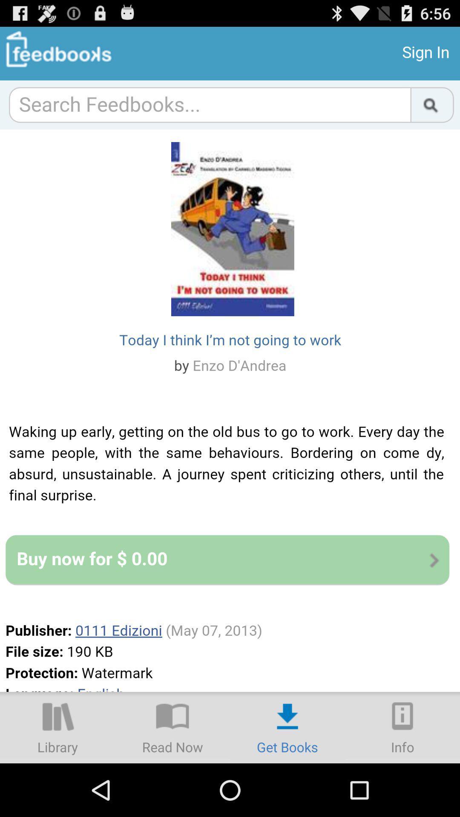 This screenshot has height=817, width=460. What do you see at coordinates (287, 727) in the screenshot?
I see `get books` at bounding box center [287, 727].